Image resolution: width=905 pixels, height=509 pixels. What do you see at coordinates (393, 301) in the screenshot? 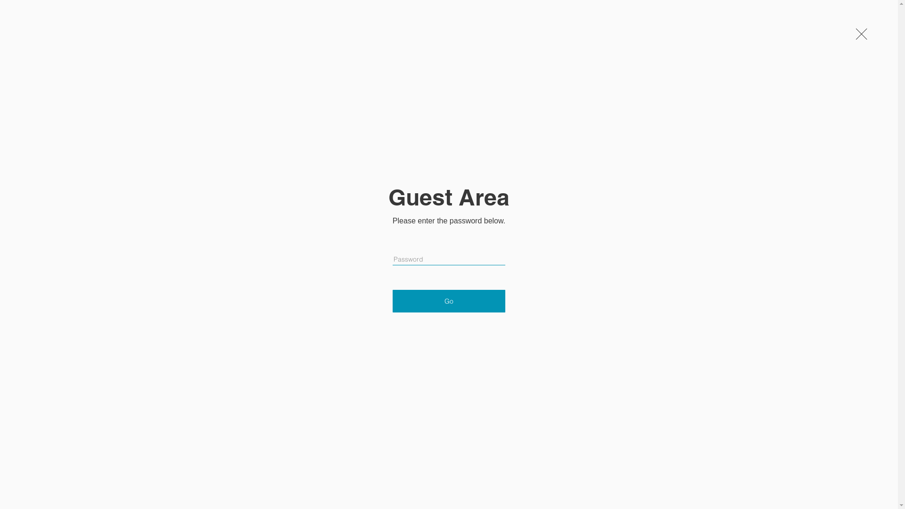
I see `'Go'` at bounding box center [393, 301].